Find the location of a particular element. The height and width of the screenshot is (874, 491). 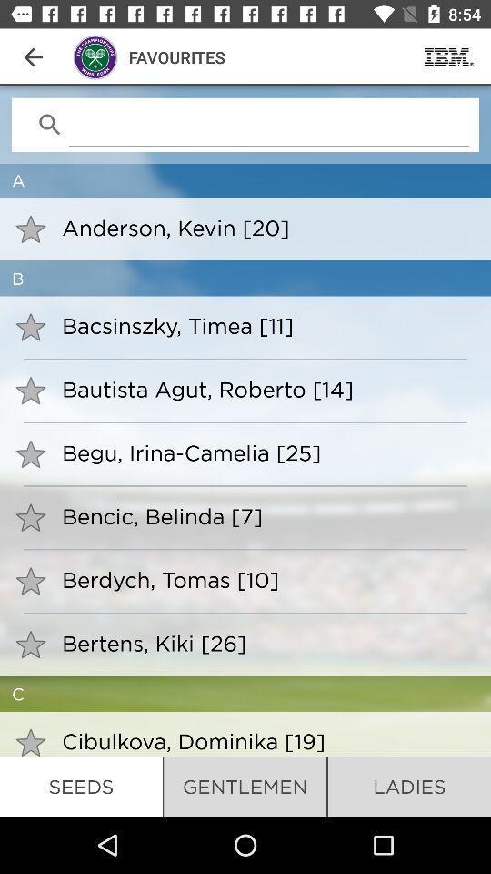

the date_range icon is located at coordinates (448, 56).